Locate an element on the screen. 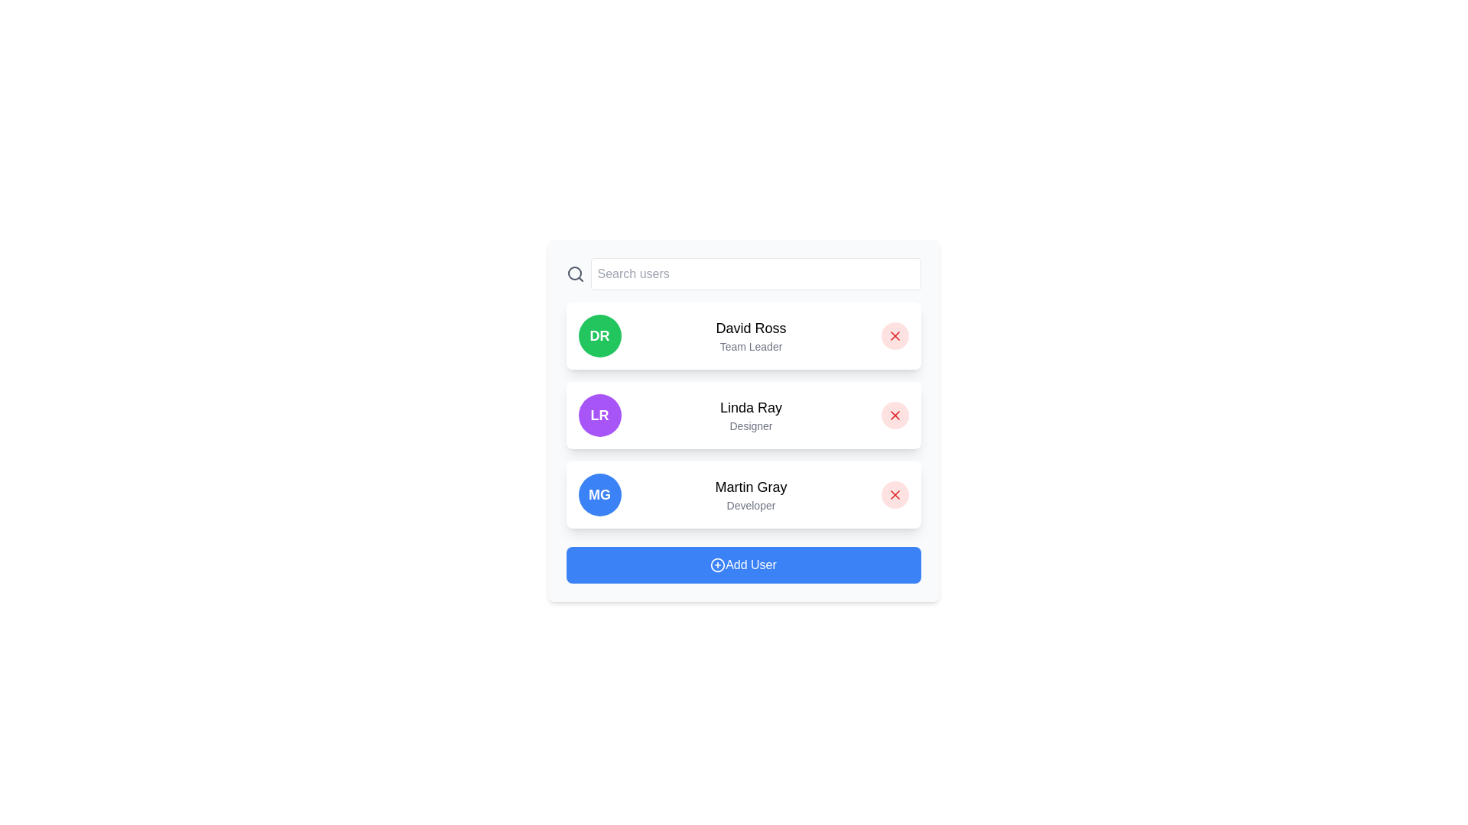 Image resolution: width=1468 pixels, height=825 pixels. the delete icon associated with user 'Linda Ray' in the list is located at coordinates (895, 415).